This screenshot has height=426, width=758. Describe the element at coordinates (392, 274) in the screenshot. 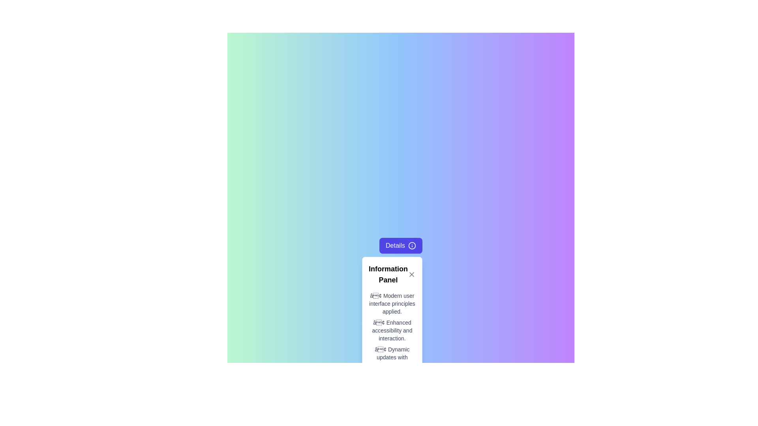

I see `text content of the Text Header, which serves as the title for the panel and is centrally located near the top of the panel` at that location.